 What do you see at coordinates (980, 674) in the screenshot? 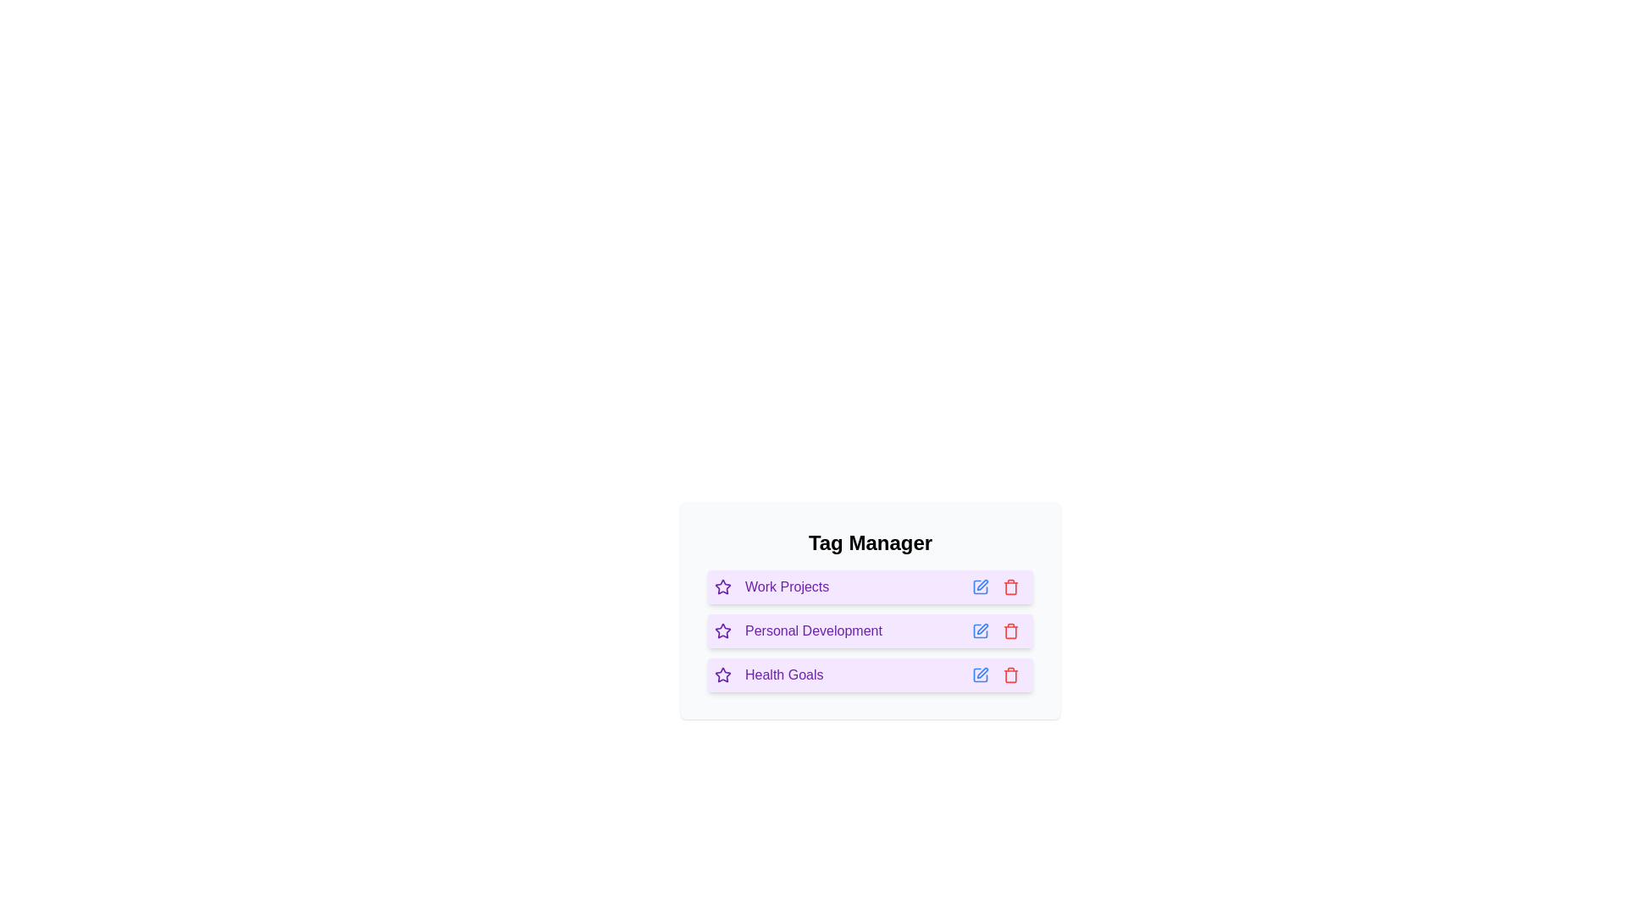
I see `edit button for the tag named Health Goals` at bounding box center [980, 674].